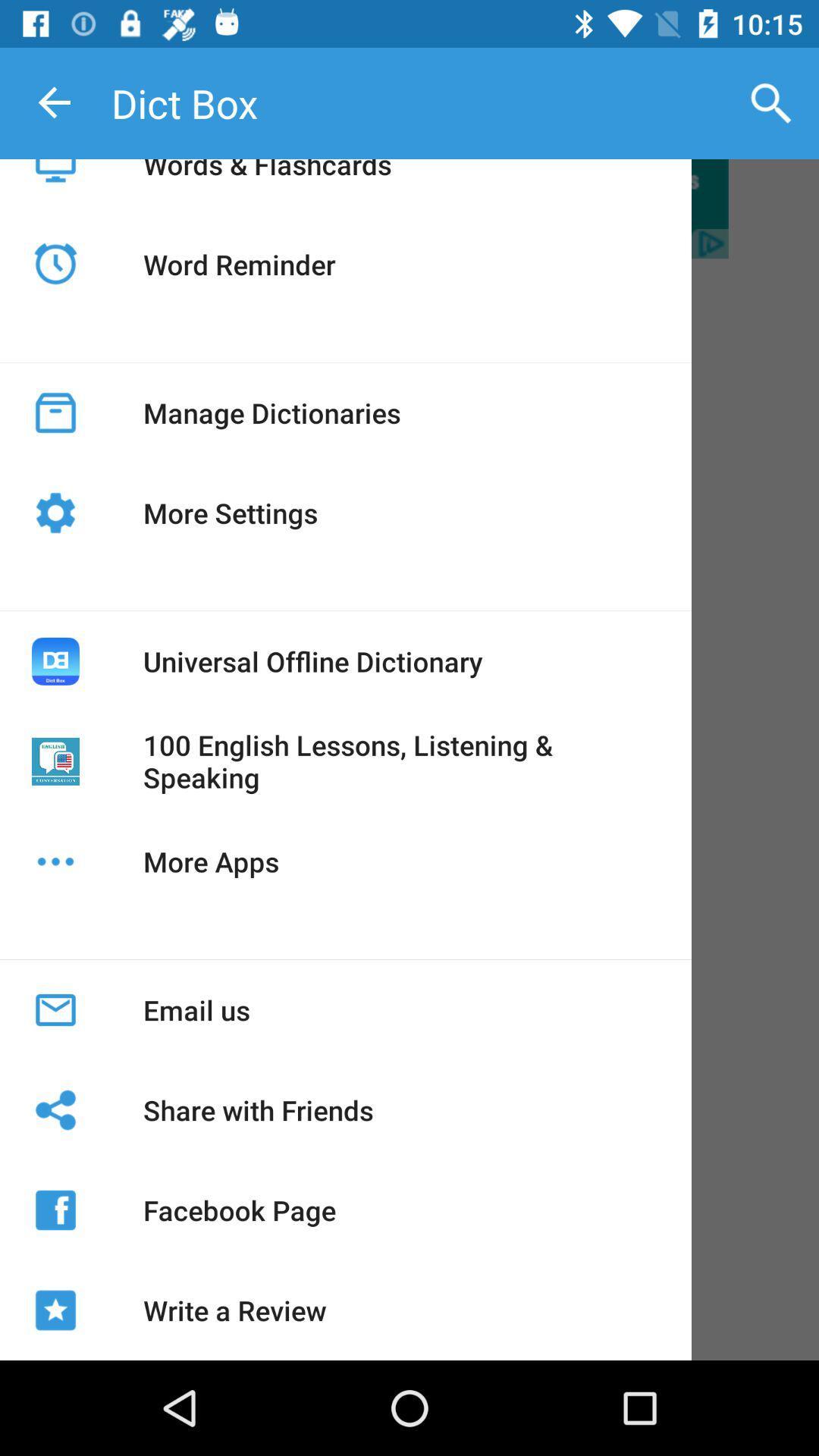 The image size is (819, 1456). What do you see at coordinates (771, 102) in the screenshot?
I see `the icon next to dict box icon` at bounding box center [771, 102].